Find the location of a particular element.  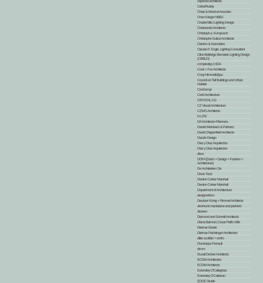

'Dazzle Design' is located at coordinates (197, 137).